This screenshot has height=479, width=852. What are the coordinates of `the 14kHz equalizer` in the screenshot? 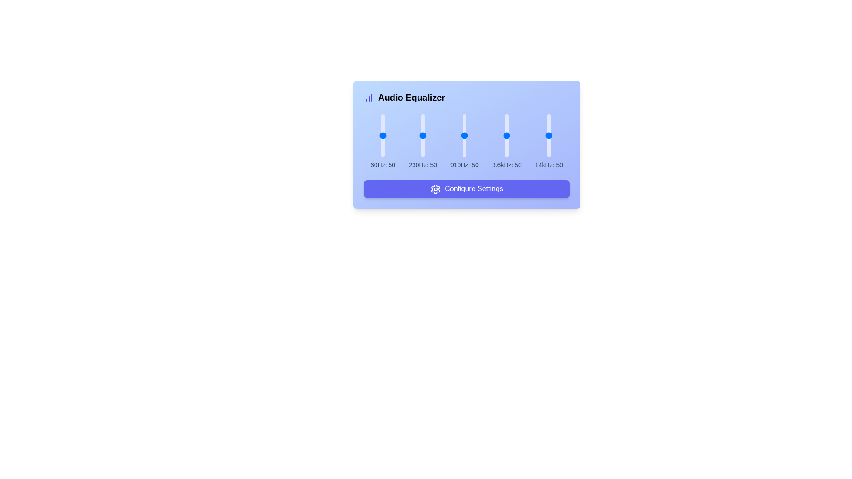 It's located at (548, 118).